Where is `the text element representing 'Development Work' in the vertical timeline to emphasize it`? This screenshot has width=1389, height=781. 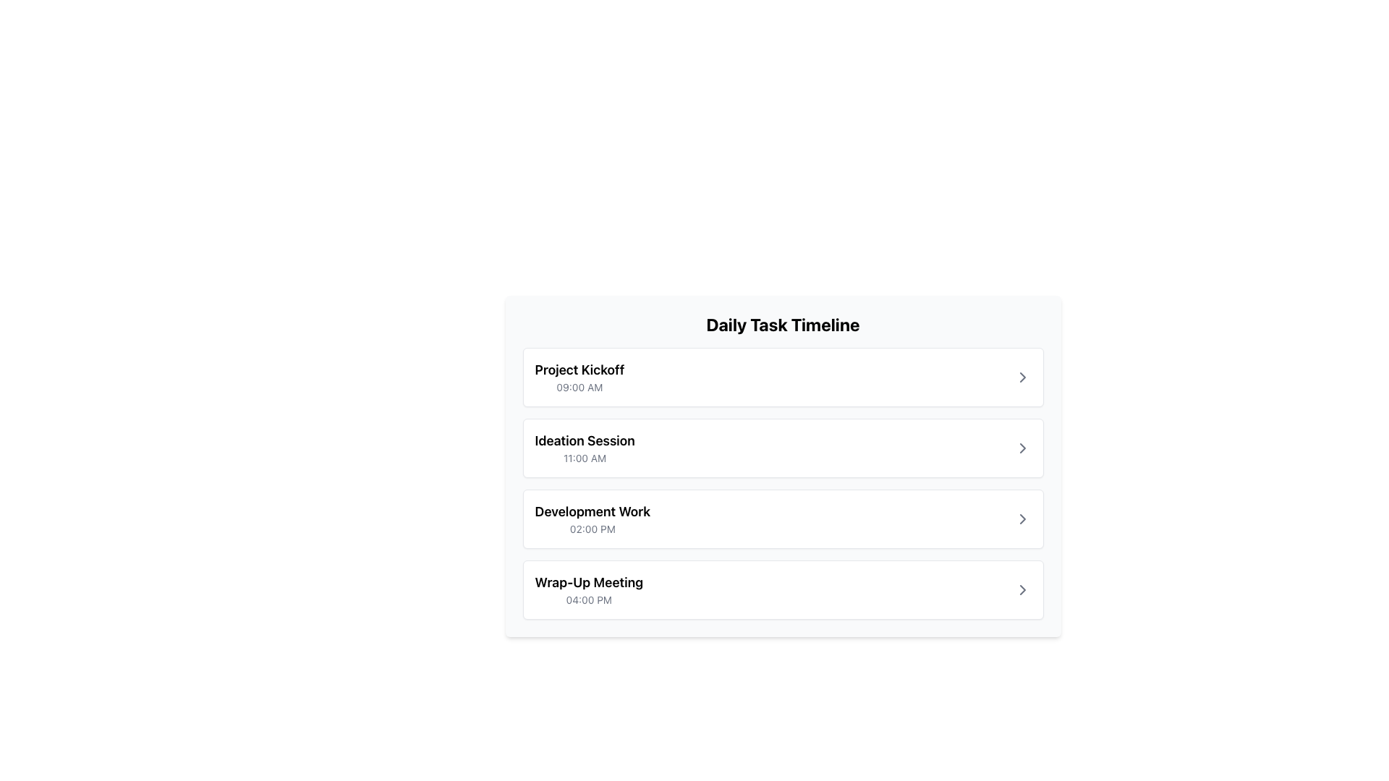
the text element representing 'Development Work' in the vertical timeline to emphasize it is located at coordinates (592, 511).